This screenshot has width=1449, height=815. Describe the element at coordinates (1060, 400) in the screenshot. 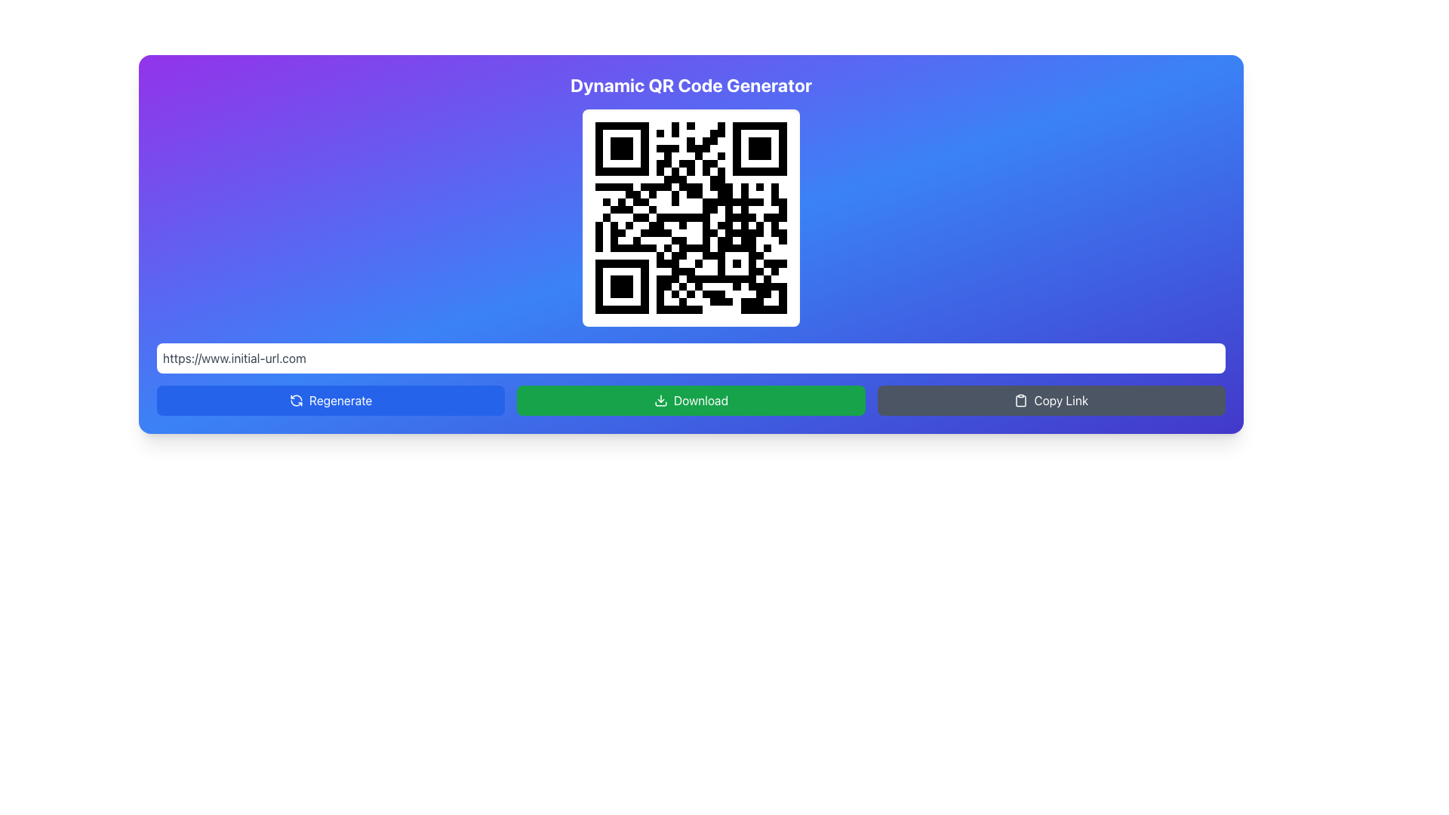

I see `the button containing the 'Copy Link' text label, styled in white over a dark gray background, located at the bottom-right corner of the interface` at that location.